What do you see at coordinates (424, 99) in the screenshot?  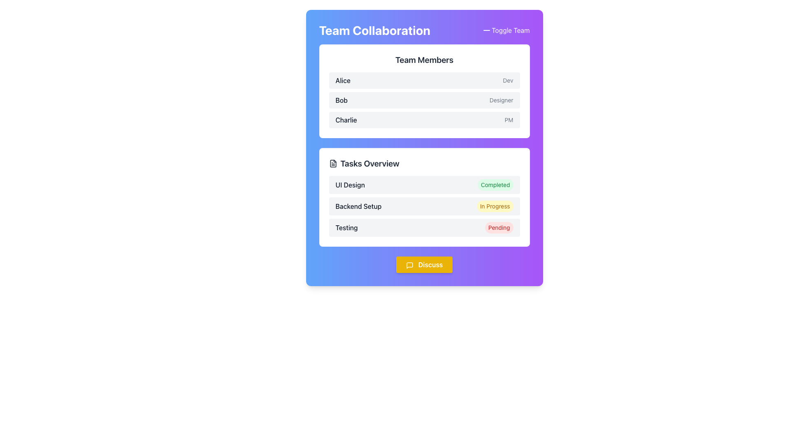 I see `the list item representing the team member 'Bob' who is a 'Designer' in the team collaboration interface` at bounding box center [424, 99].